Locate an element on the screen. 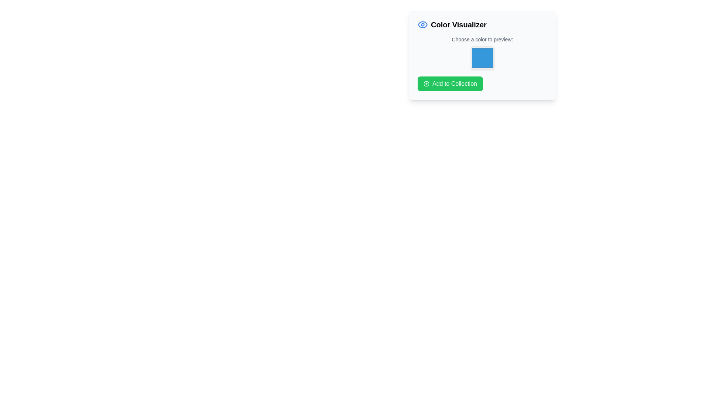 The width and height of the screenshot is (709, 399). the central SVG Circle element that is part of the 'Add to Collection' button located at the bottom of the floating card is located at coordinates (427, 83).